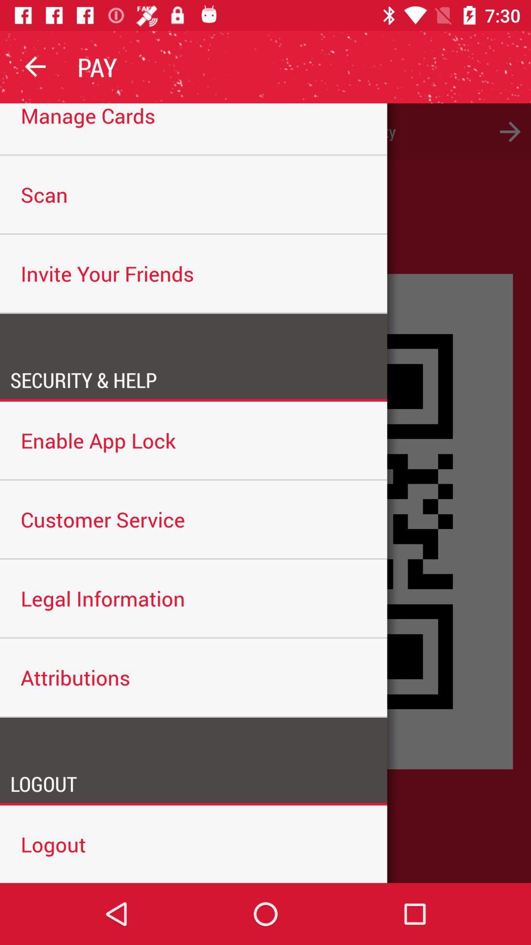 Image resolution: width=531 pixels, height=945 pixels. What do you see at coordinates (193, 677) in the screenshot?
I see `attributions` at bounding box center [193, 677].